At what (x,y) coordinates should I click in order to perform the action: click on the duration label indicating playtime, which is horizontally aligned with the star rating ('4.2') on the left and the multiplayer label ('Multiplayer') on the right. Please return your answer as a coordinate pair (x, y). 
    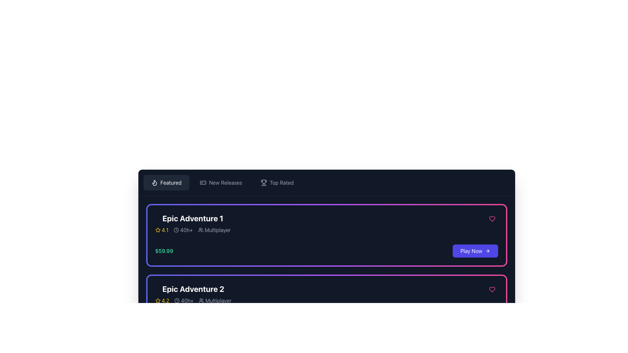
    Looking at the image, I should click on (183, 301).